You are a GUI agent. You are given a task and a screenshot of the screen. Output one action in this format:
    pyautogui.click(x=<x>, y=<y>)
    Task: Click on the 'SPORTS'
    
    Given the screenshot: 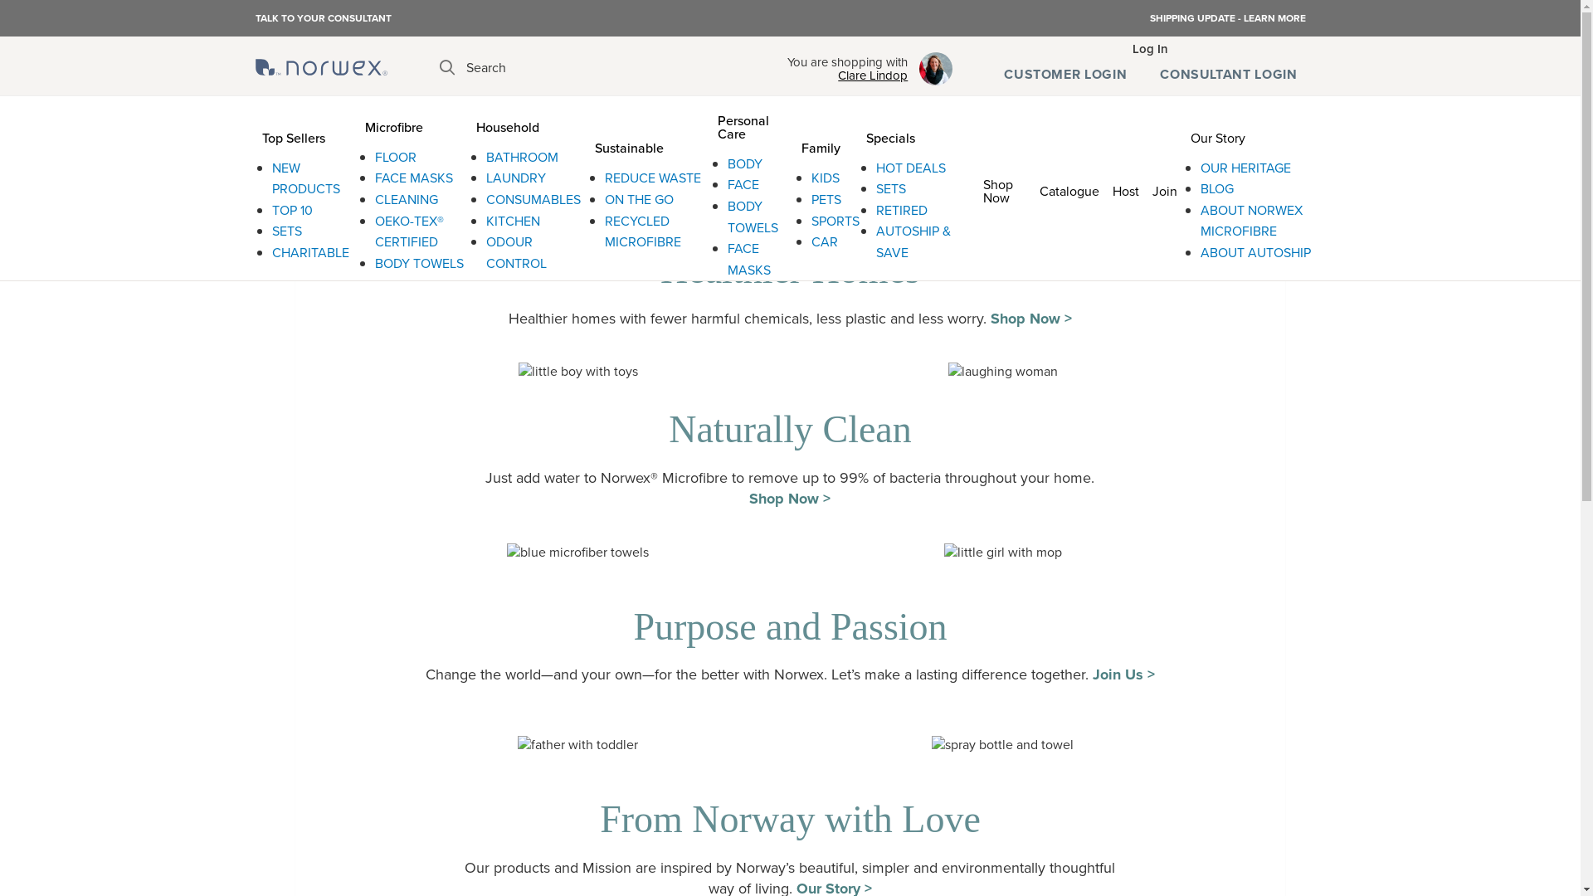 What is the action you would take?
    pyautogui.click(x=835, y=220)
    